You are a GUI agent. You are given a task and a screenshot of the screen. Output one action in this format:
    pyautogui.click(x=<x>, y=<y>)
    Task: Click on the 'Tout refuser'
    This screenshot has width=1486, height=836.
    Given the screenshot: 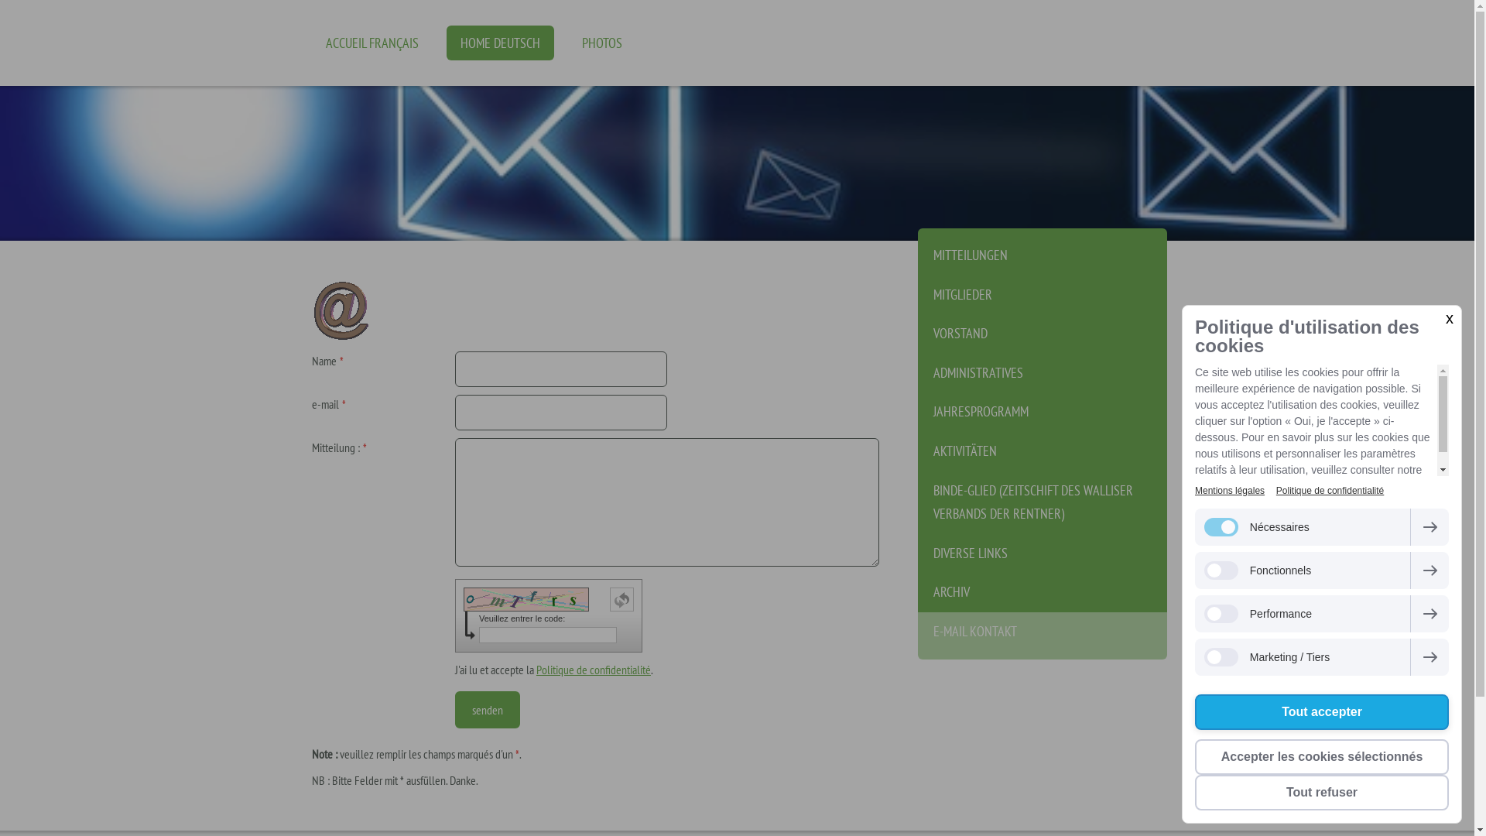 What is the action you would take?
    pyautogui.click(x=1321, y=792)
    